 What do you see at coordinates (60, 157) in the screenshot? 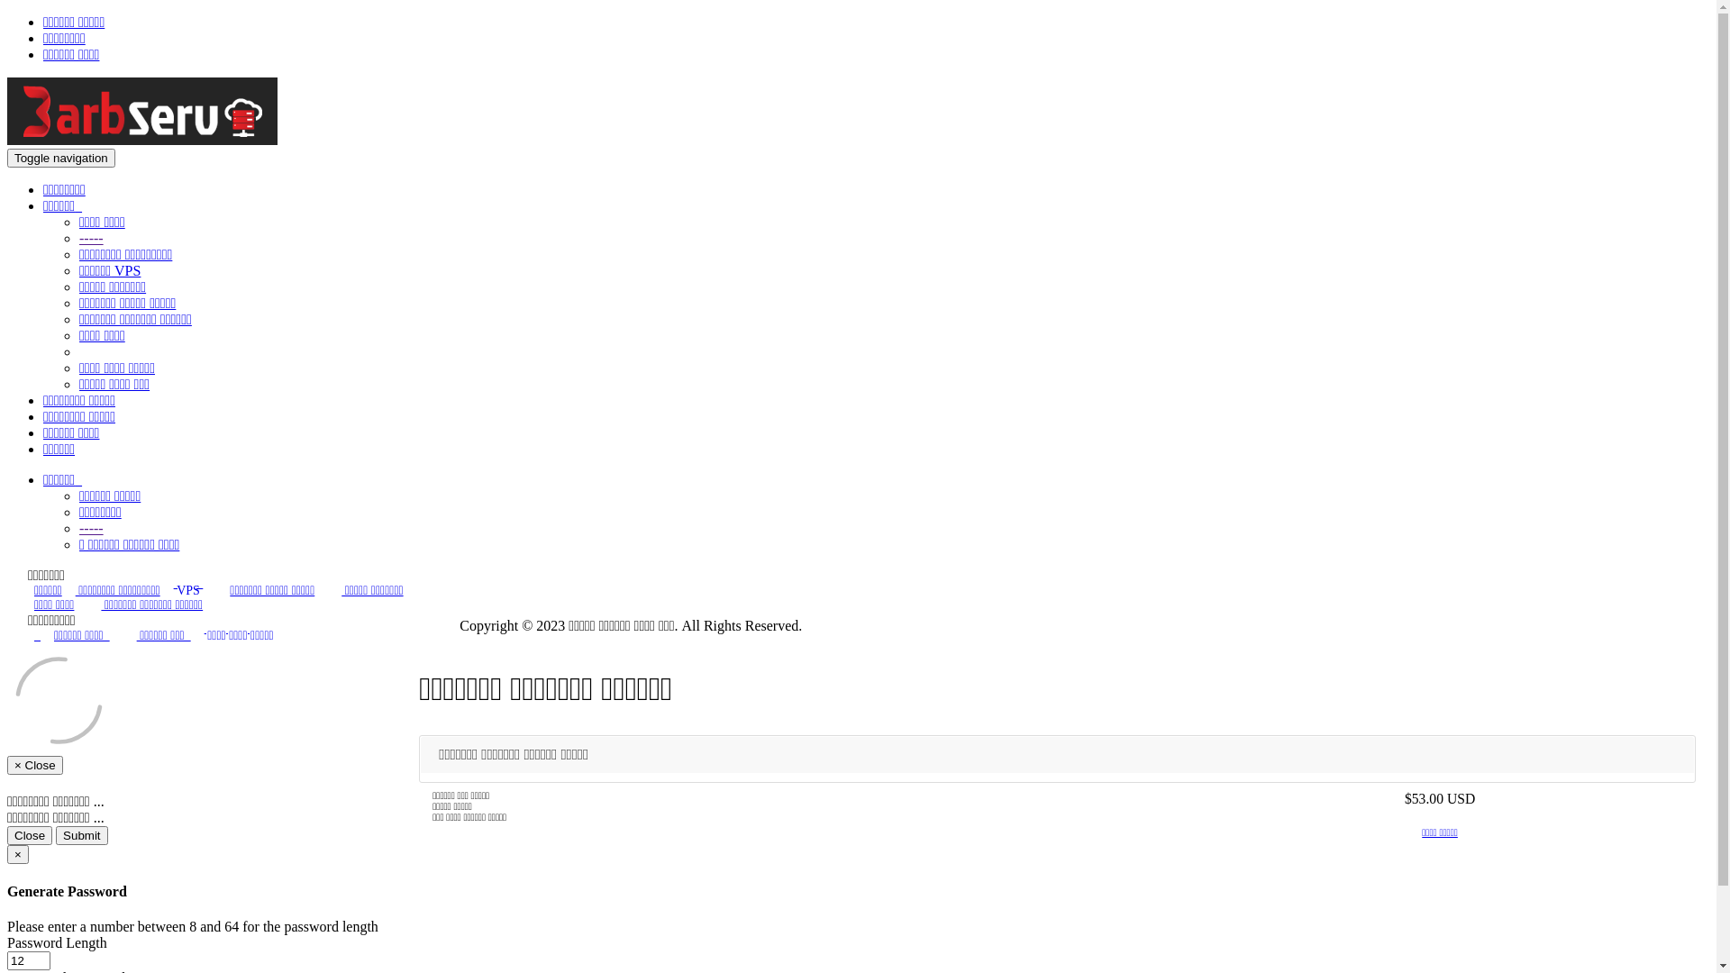
I see `'Toggle navigation'` at bounding box center [60, 157].